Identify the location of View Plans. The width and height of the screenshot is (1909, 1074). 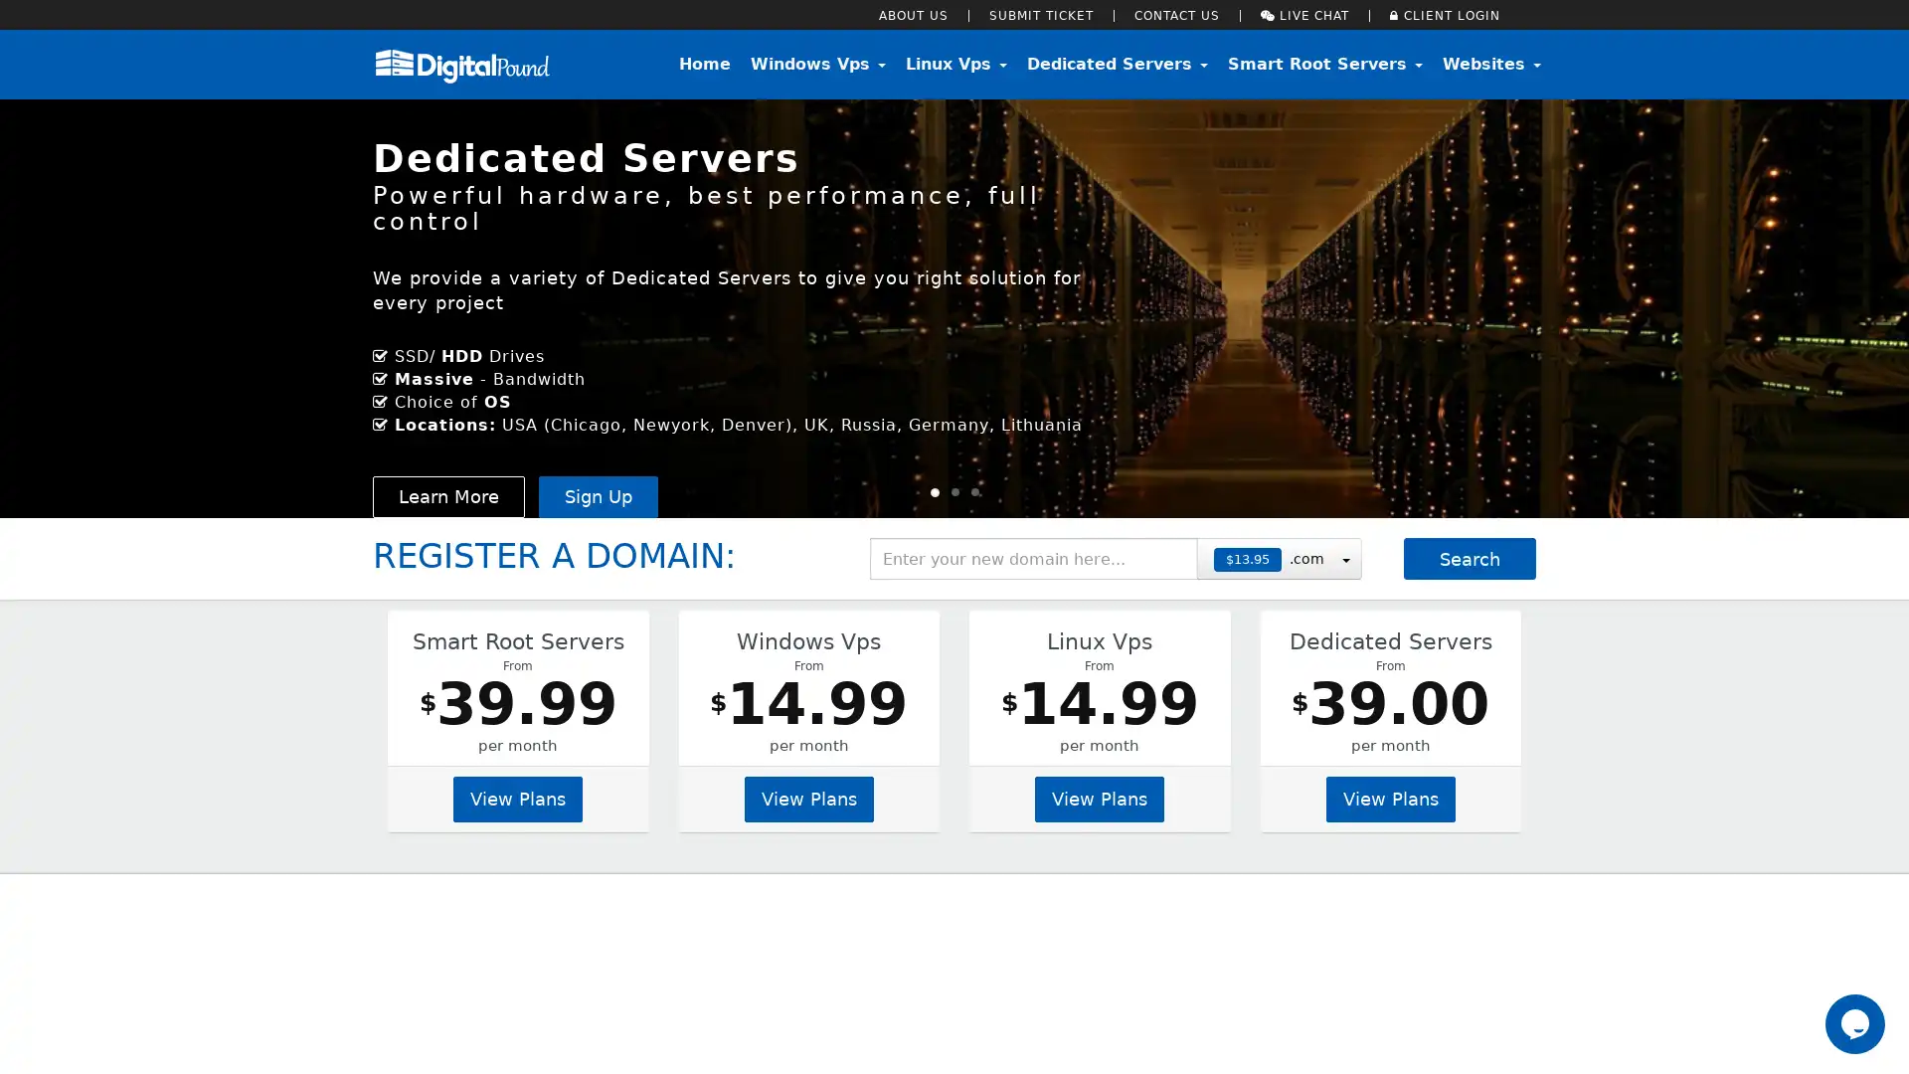
(1388, 797).